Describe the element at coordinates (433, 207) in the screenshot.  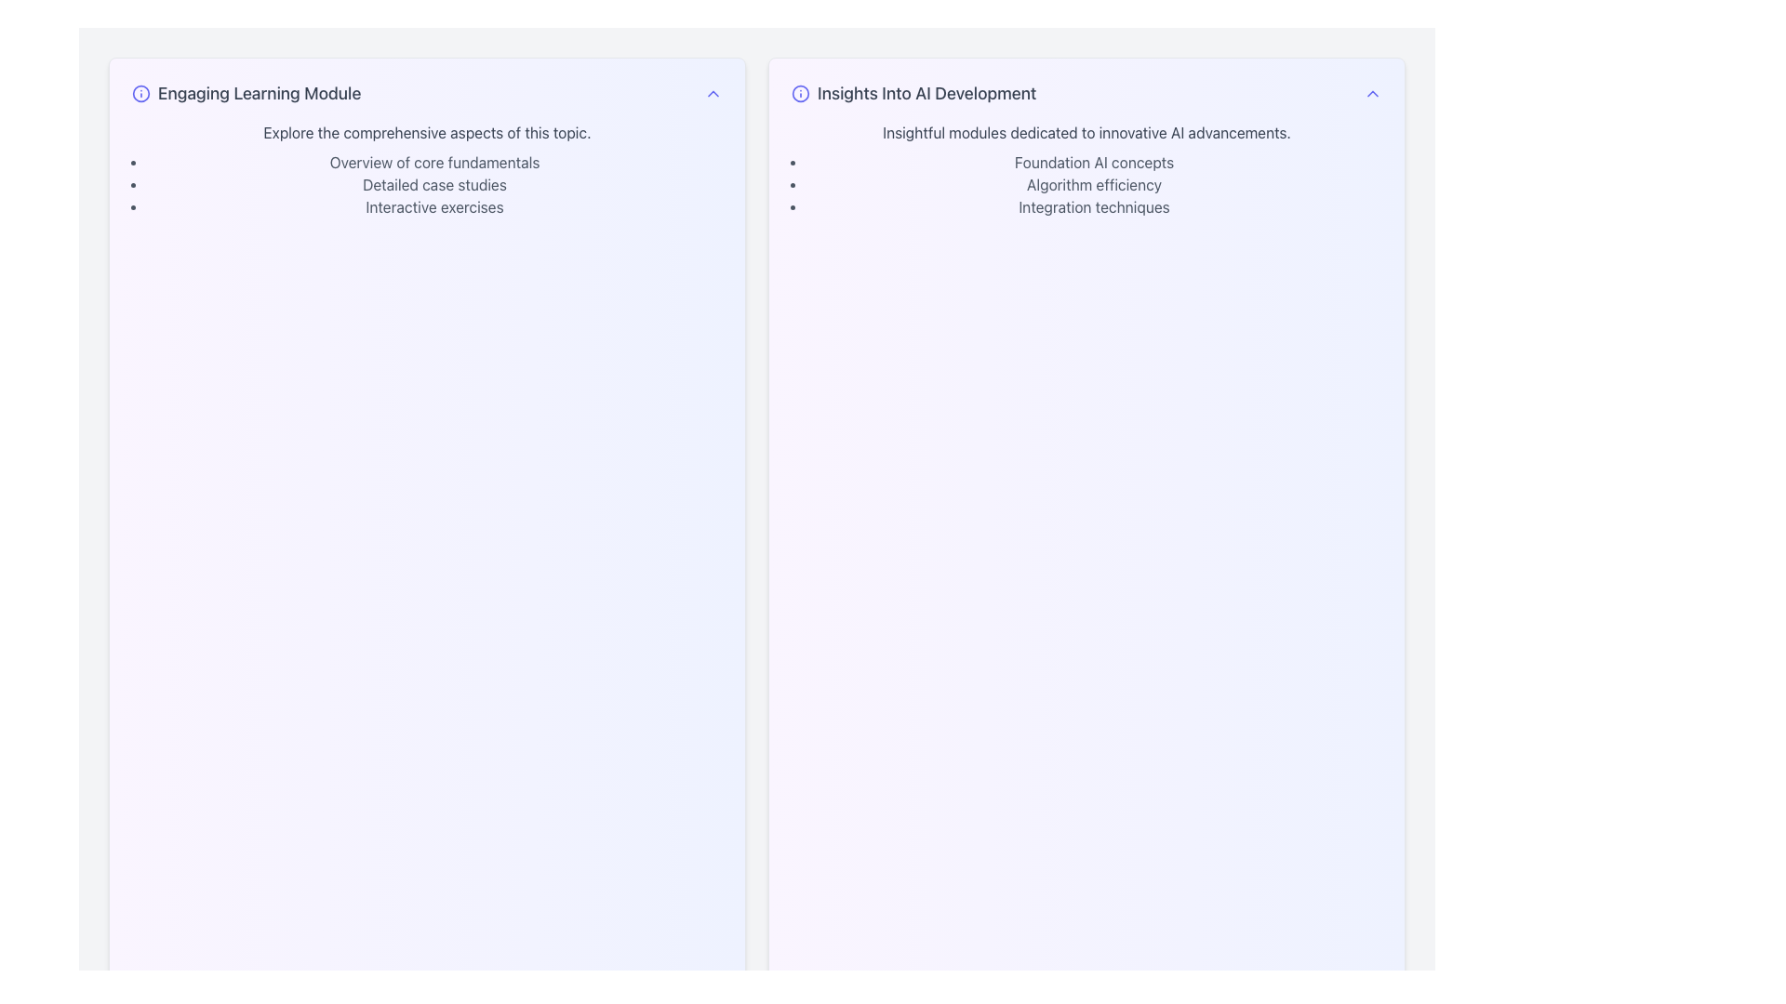
I see `the text element that contains 'Interactive exercises', which is the third item in the bulleted list under the 'Engaging Learning Module' box` at that location.